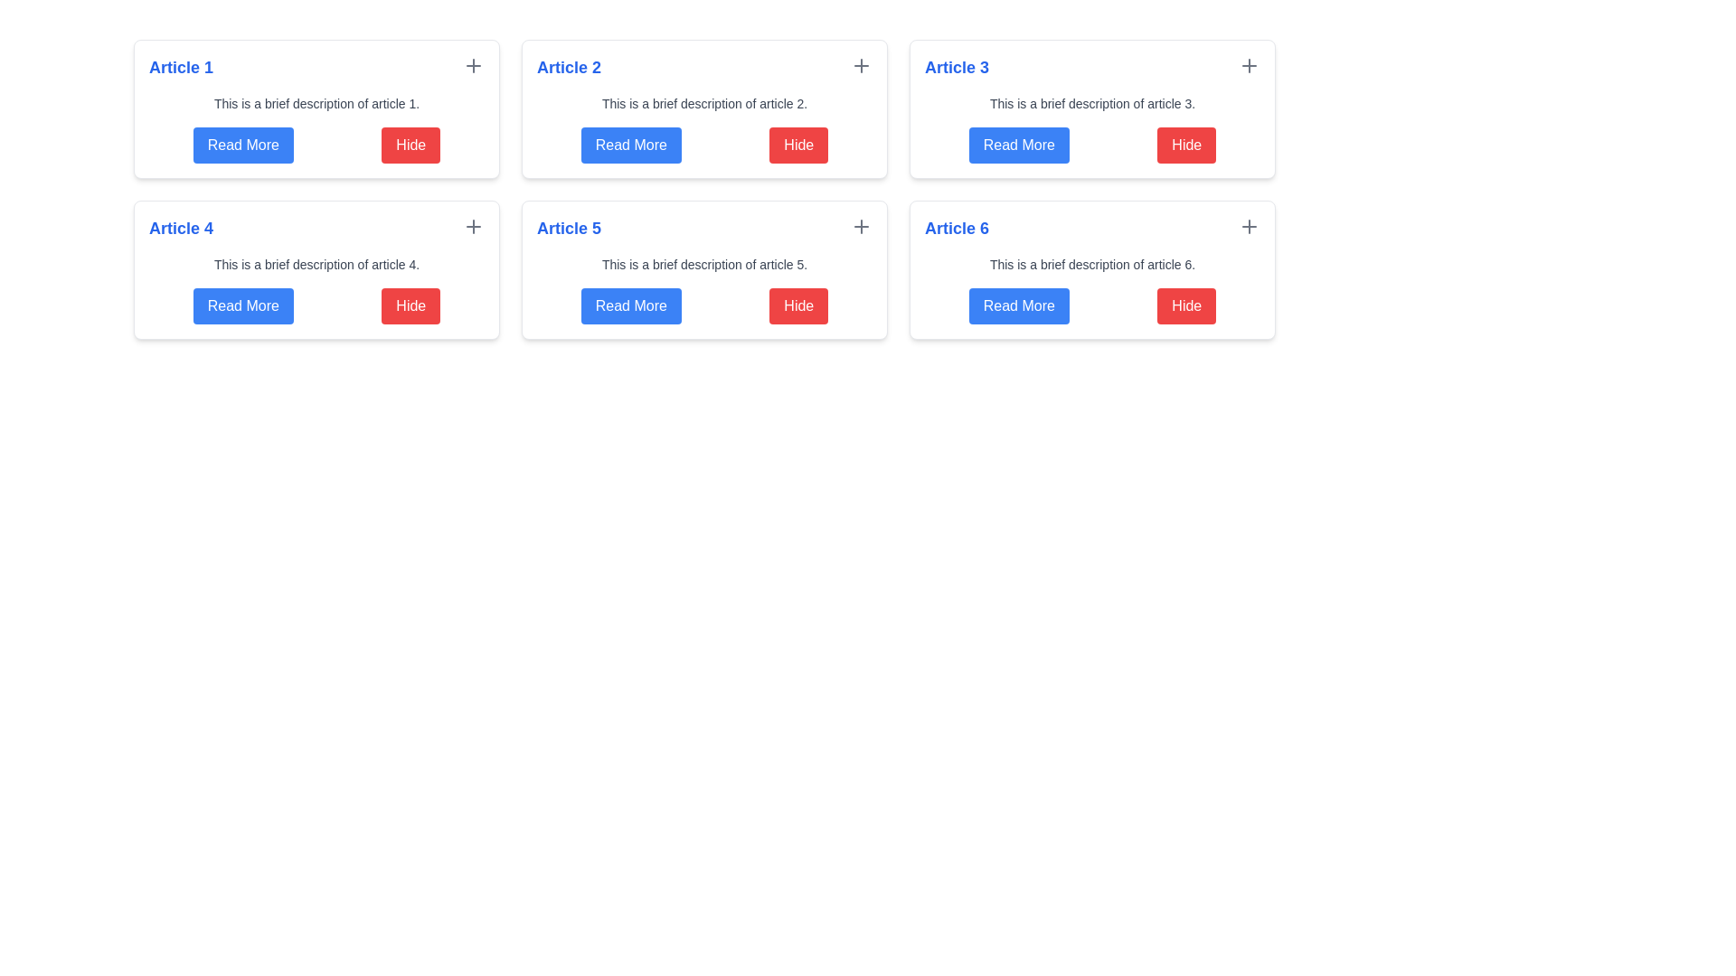  I want to click on the rectangular button with a blue background and white text that reads 'Read More', so click(1019, 145).